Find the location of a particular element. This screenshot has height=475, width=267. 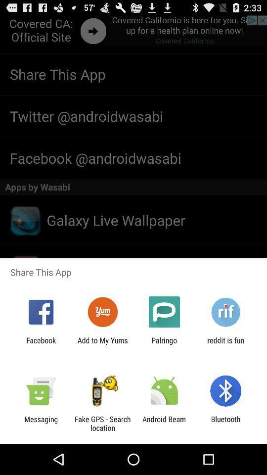

the icon next to the fake gps search app is located at coordinates (41, 423).